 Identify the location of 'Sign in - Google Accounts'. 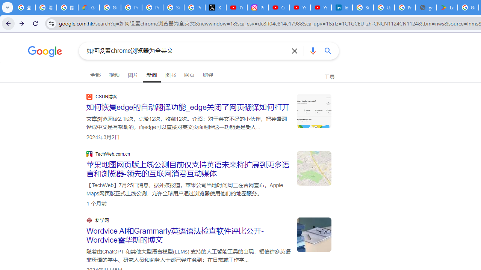
(363, 7).